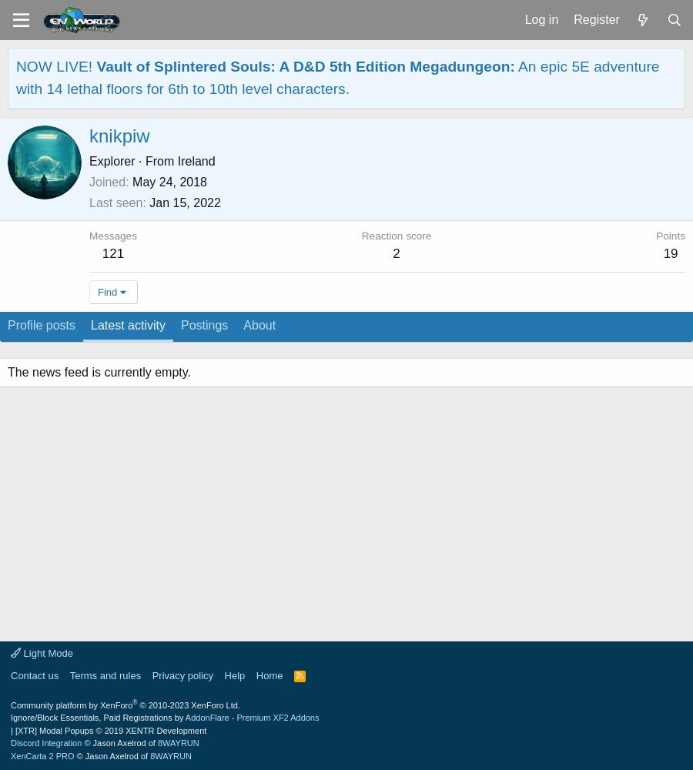  What do you see at coordinates (15, 76) in the screenshot?
I see `'An epic 5E adventure with 14 lethal floors for 6th to 10th level characters.'` at bounding box center [15, 76].